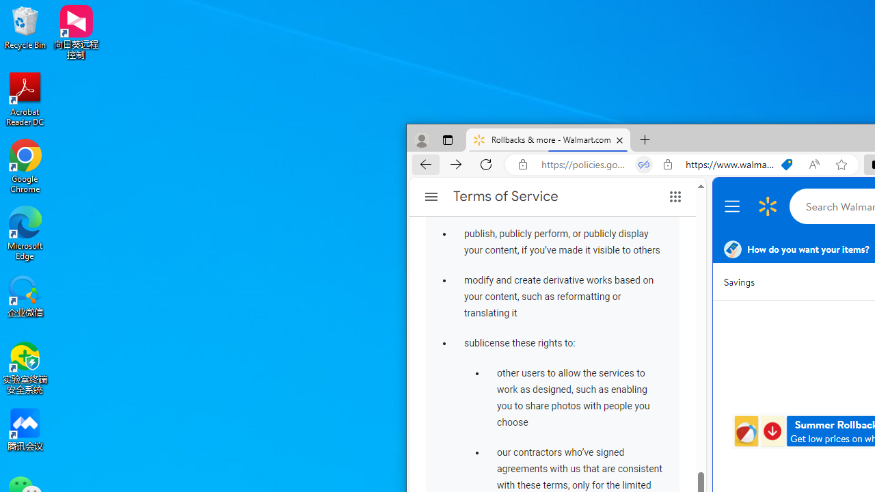 This screenshot has height=492, width=875. Describe the element at coordinates (738, 281) in the screenshot. I see `'Savings'` at that location.